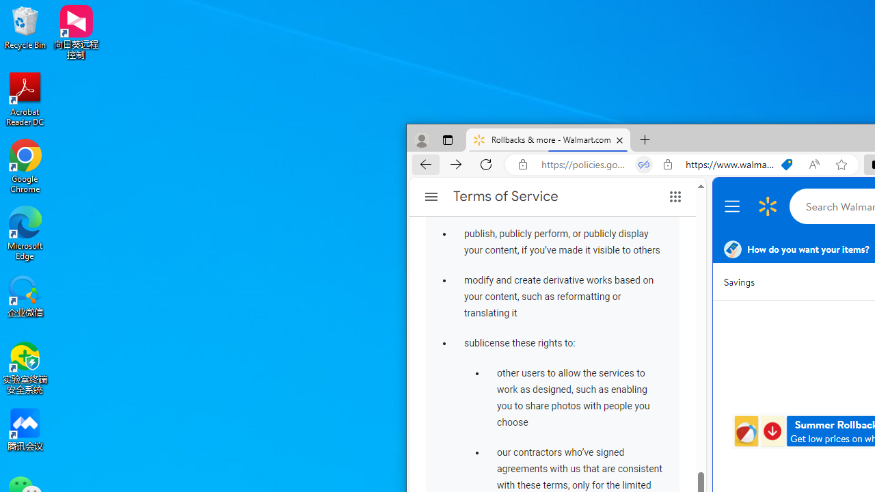 This screenshot has height=492, width=875. Describe the element at coordinates (738, 281) in the screenshot. I see `'Savings'` at that location.